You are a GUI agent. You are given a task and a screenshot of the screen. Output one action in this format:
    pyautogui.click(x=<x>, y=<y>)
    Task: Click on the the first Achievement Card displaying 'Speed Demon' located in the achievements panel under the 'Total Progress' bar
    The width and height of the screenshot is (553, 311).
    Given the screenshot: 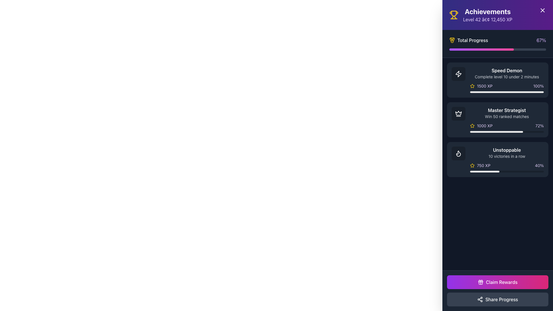 What is the action you would take?
    pyautogui.click(x=497, y=80)
    